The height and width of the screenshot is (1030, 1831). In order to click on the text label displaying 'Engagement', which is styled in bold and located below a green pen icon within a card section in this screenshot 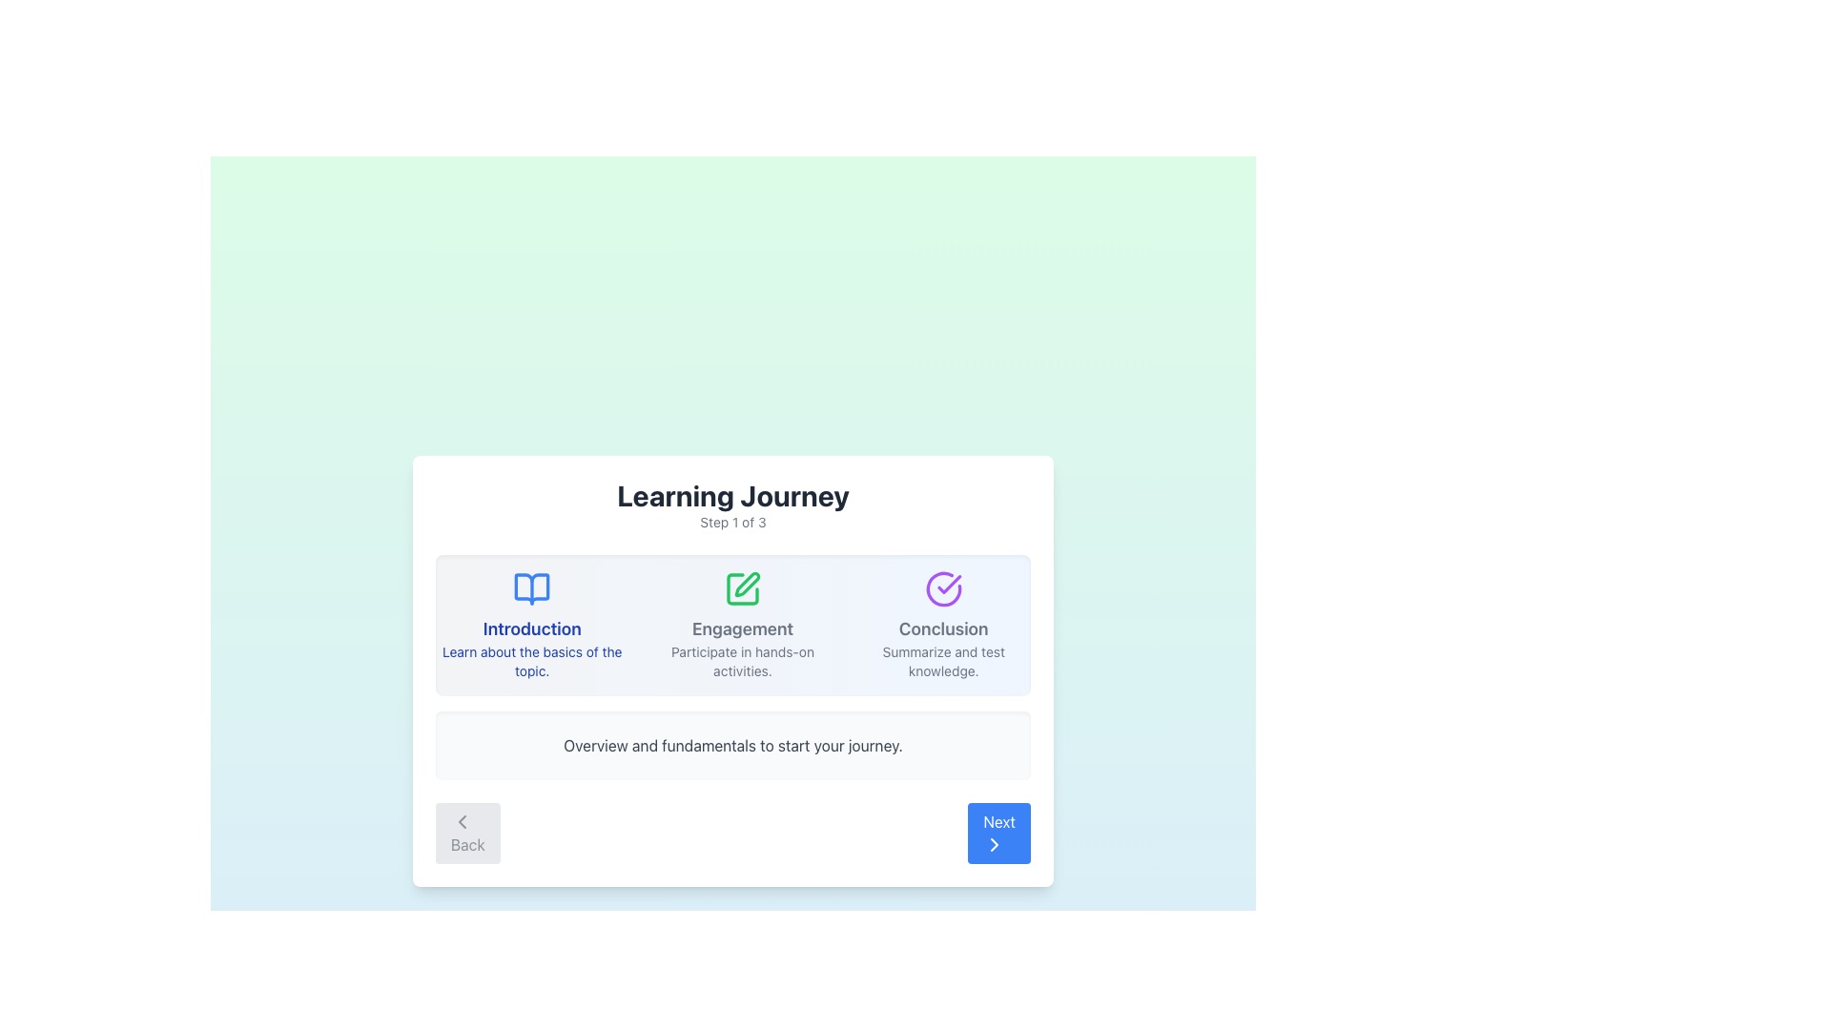, I will do `click(741, 628)`.